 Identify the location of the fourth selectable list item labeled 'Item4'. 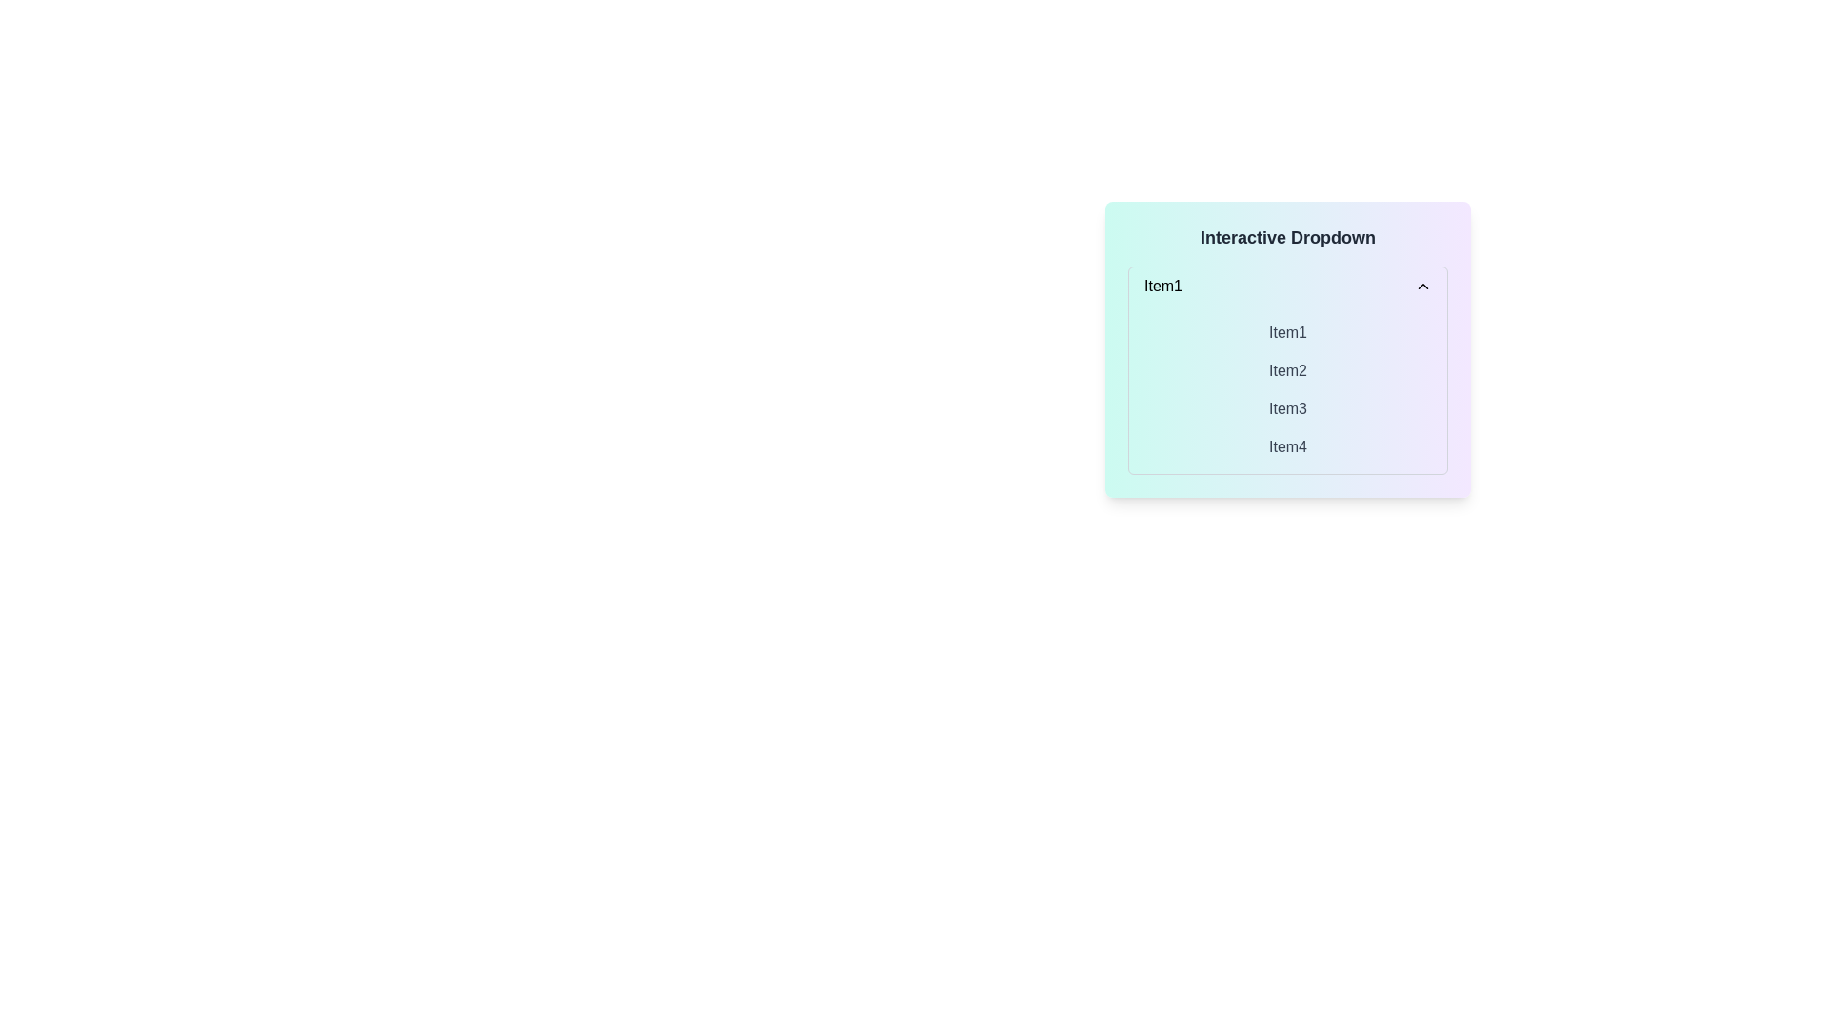
(1288, 447).